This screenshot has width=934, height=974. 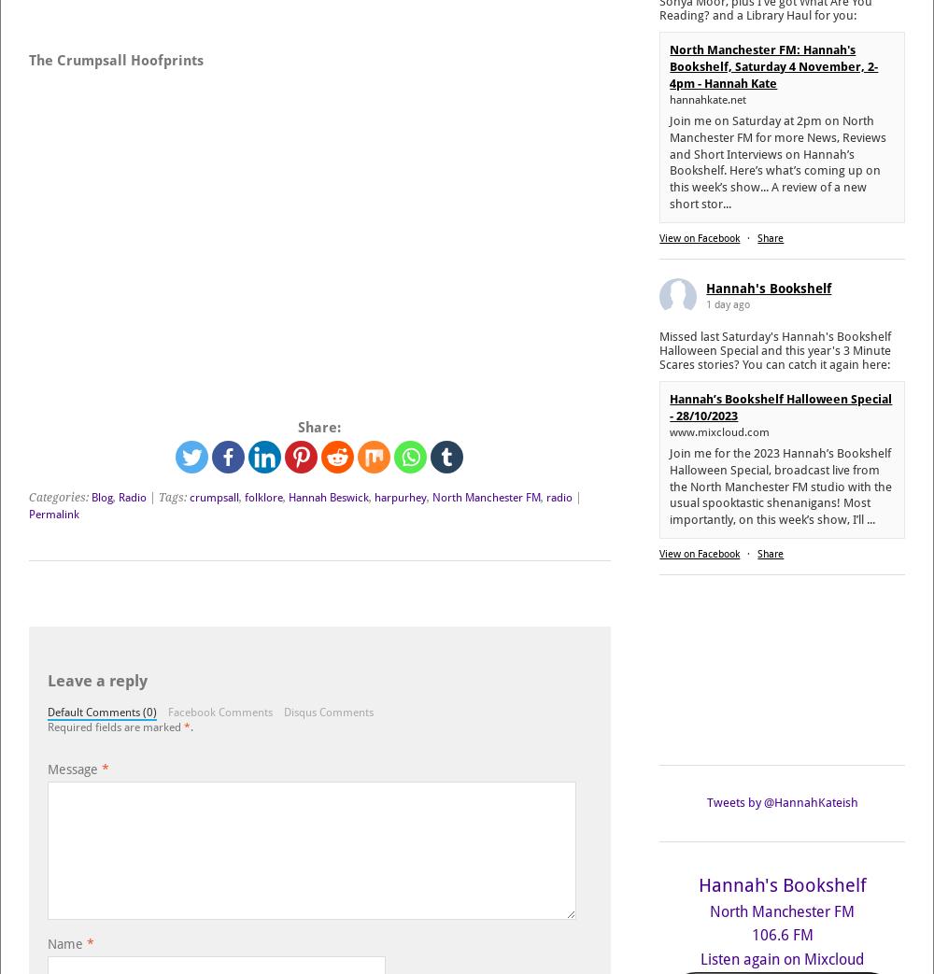 What do you see at coordinates (245, 497) in the screenshot?
I see `'folklore'` at bounding box center [245, 497].